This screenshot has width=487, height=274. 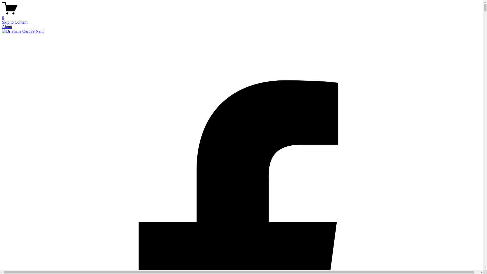 I want to click on '0', so click(x=241, y=15).